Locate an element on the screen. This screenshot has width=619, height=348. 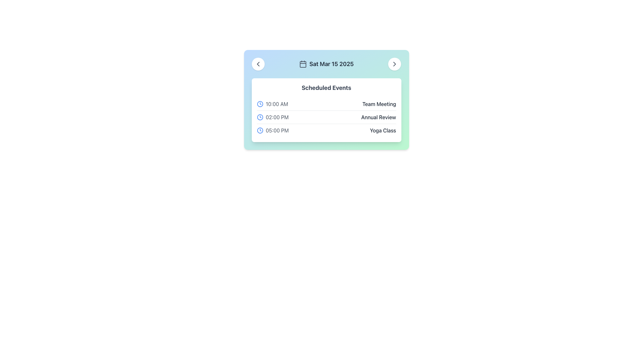
the Text Label displaying '05:00 PM' in gray color, located in the third row of the schedule interface, next to the hourglass icon in blue is located at coordinates (277, 130).